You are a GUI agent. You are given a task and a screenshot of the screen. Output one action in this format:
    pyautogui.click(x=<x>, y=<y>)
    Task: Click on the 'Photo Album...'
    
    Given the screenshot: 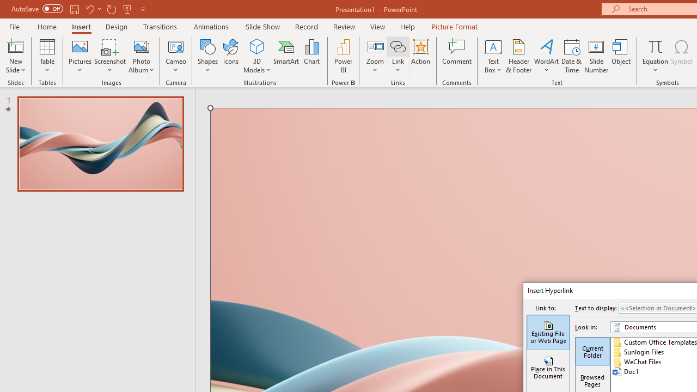 What is the action you would take?
    pyautogui.click(x=140, y=56)
    